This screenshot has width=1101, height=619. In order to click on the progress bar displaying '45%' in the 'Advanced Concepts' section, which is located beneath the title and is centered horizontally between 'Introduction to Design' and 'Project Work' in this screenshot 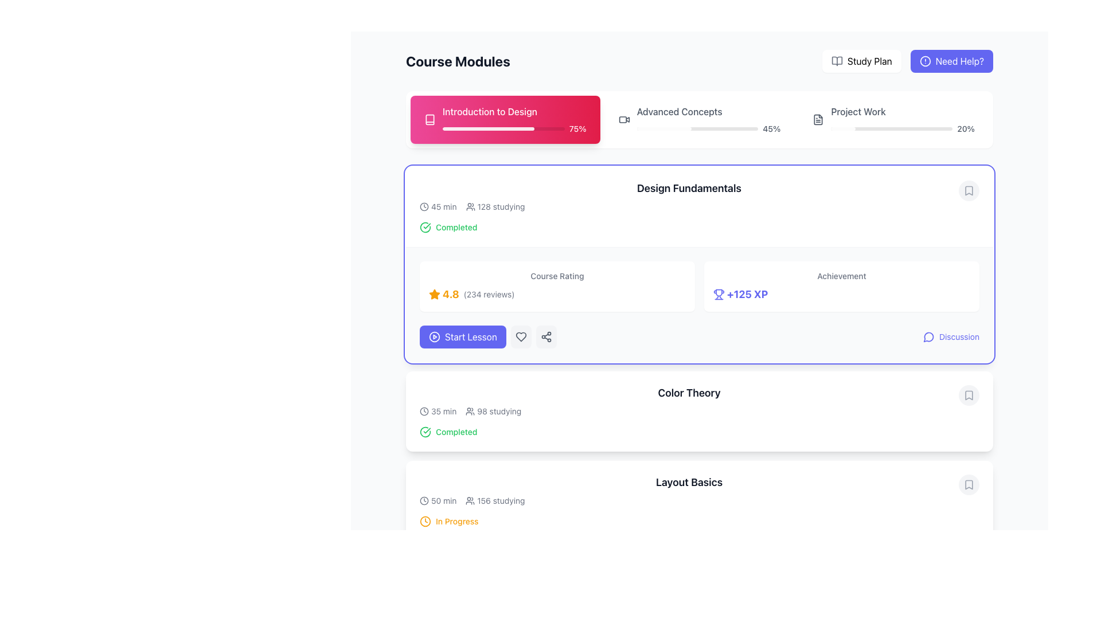, I will do `click(708, 128)`.